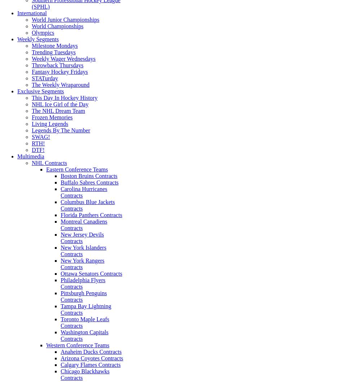 The height and width of the screenshot is (382, 353). I want to click on 'Boston Bruins Contracts', so click(88, 175).